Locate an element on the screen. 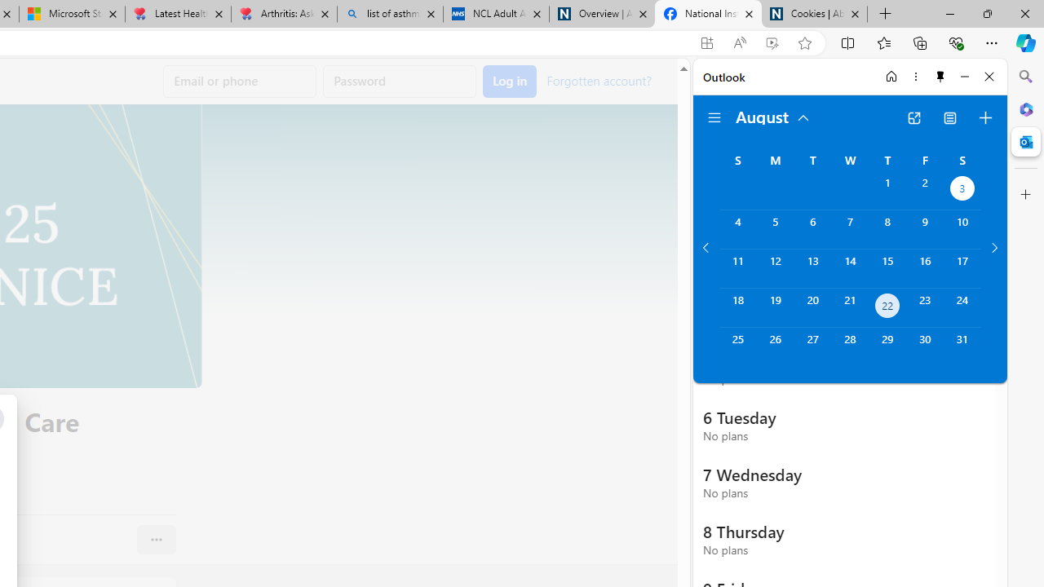 The height and width of the screenshot is (587, 1044). 'Email or phone' is located at coordinates (239, 82).